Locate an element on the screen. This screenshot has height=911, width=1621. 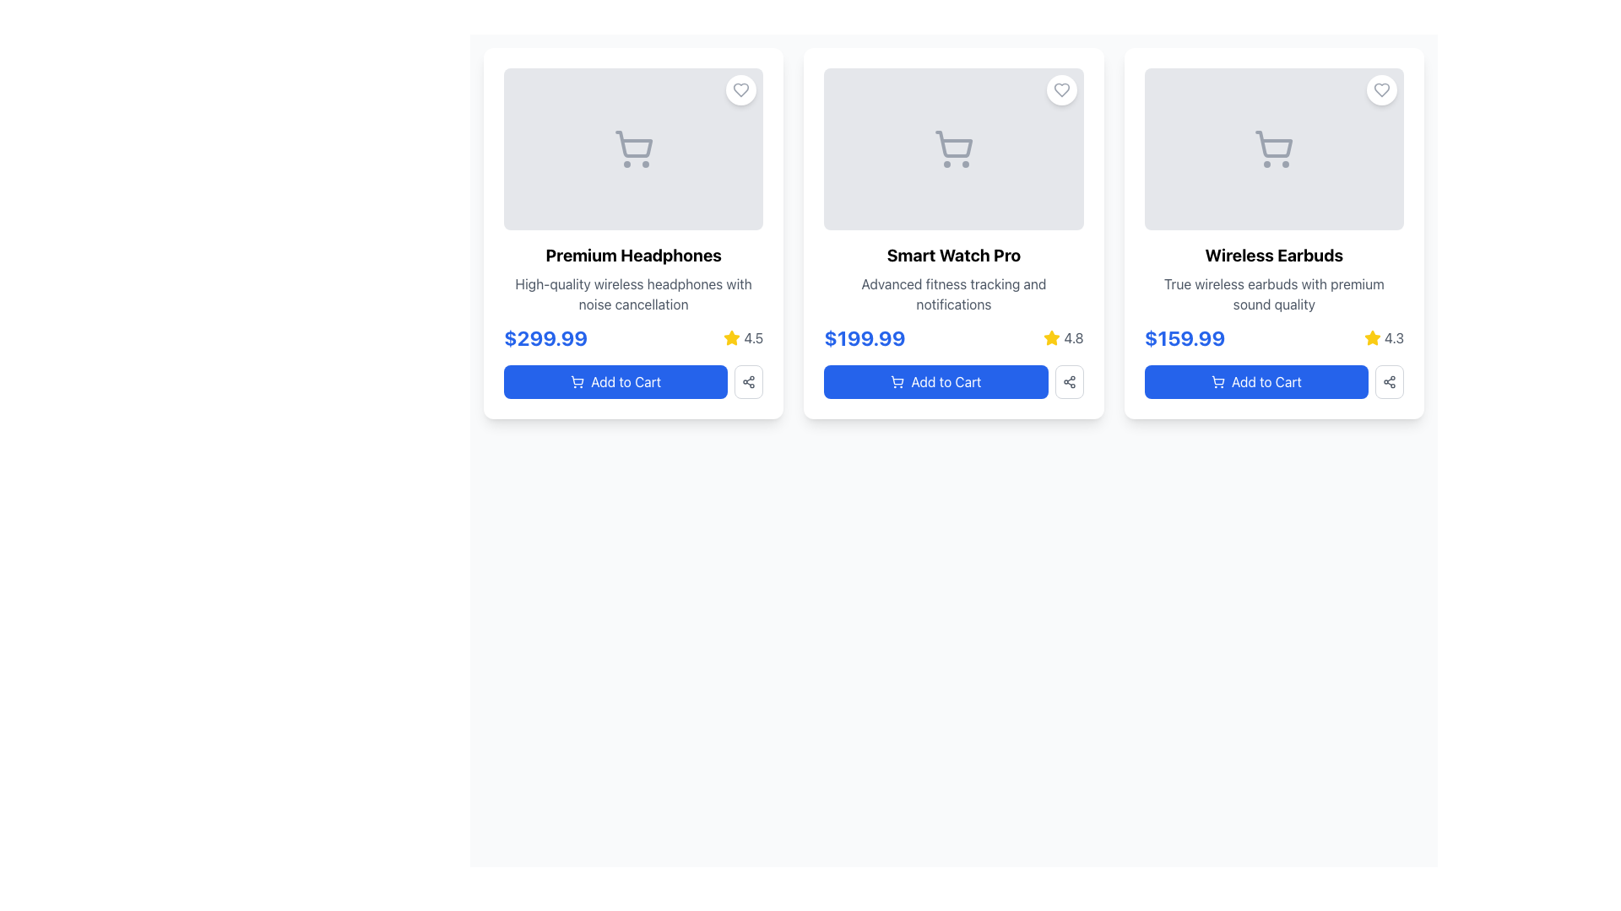
the SVG-based shopping cart icon located on the left side of the 'Add to Cart' button beneath the 'Wireless Earbuds' product listing is located at coordinates (1217, 381).